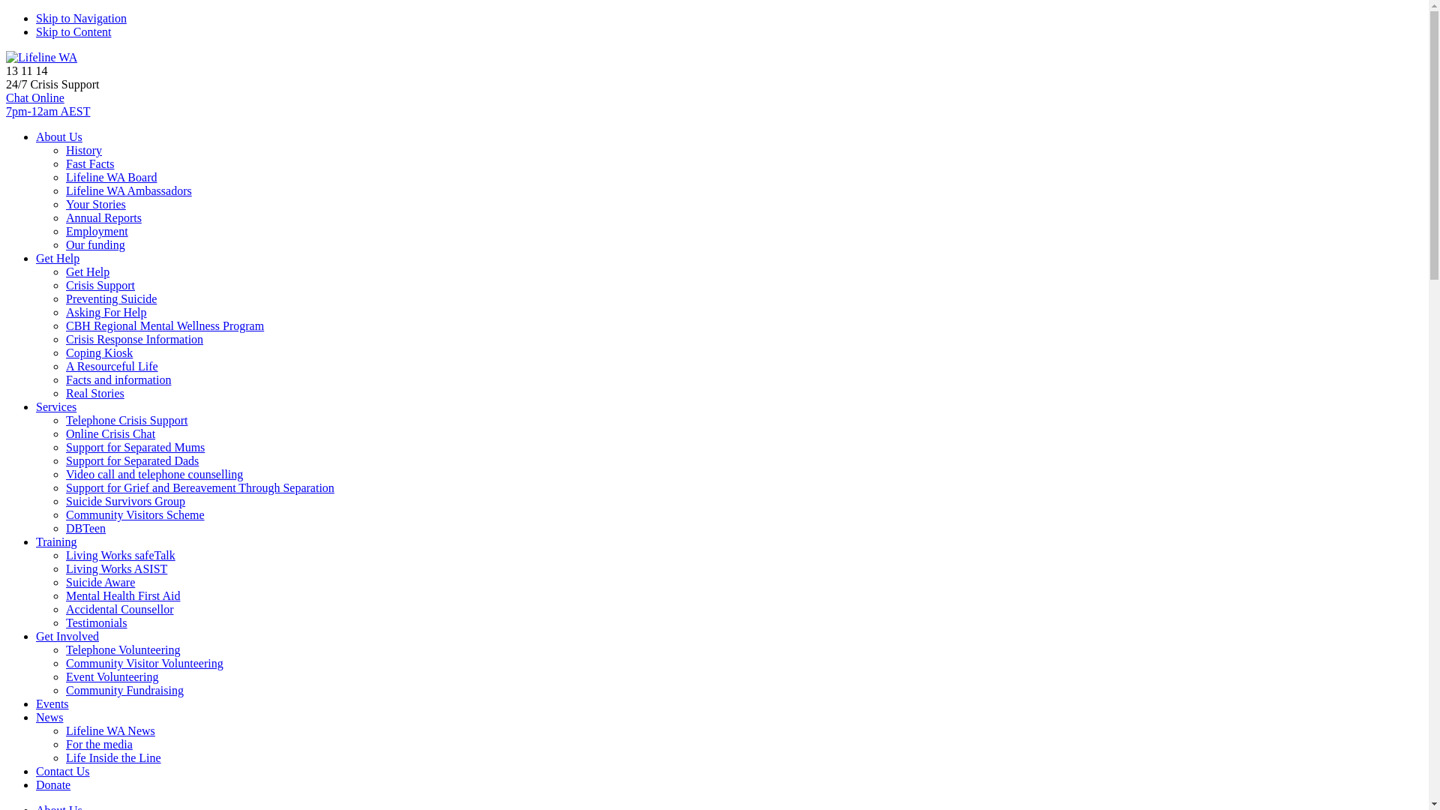 The image size is (1440, 810). I want to click on 'Lifeline WA Board', so click(110, 176).